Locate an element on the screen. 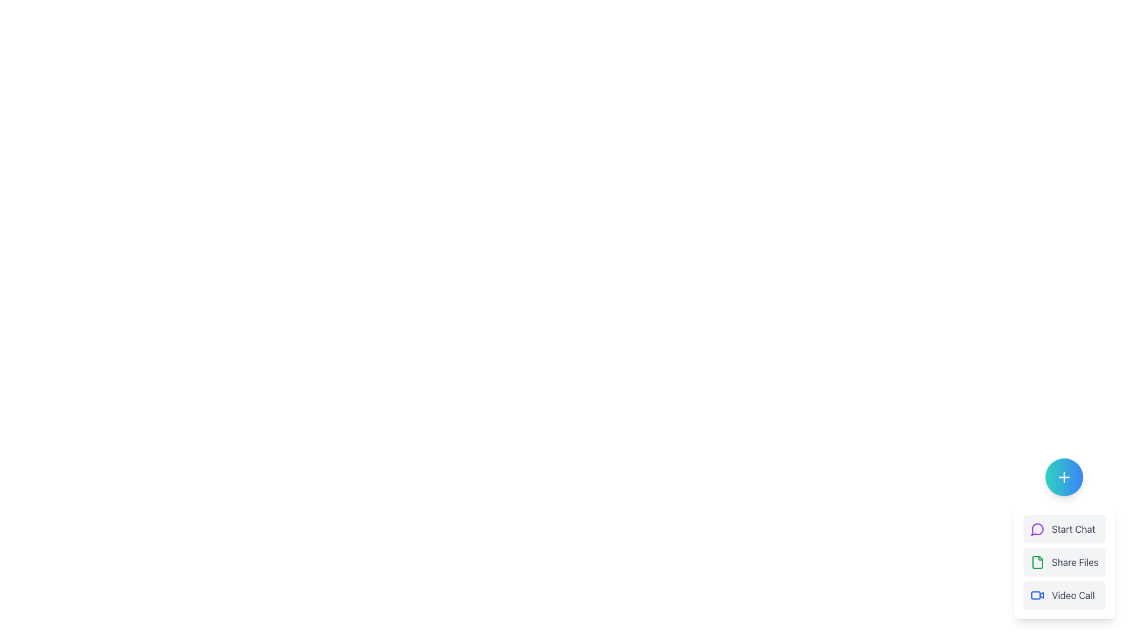 This screenshot has width=1134, height=638. the 'Start Chat' button using keyboard navigation is located at coordinates (1064, 538).